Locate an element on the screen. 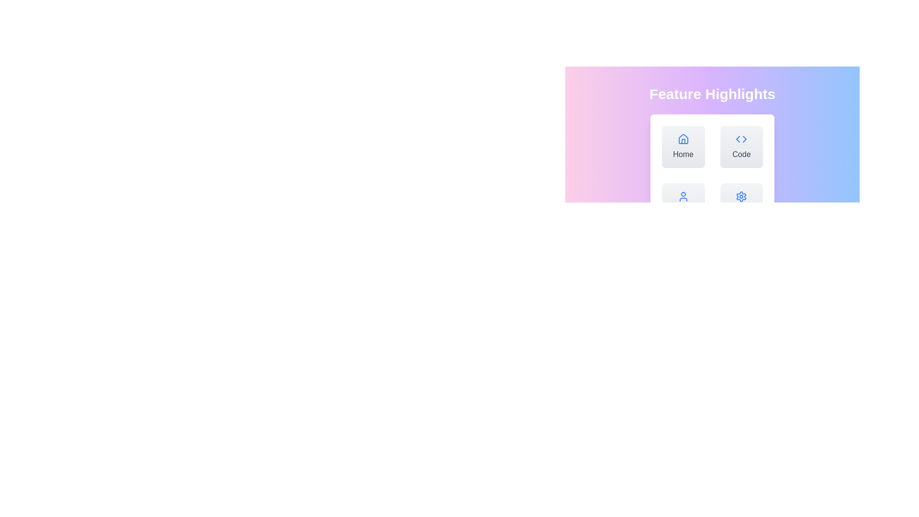  the settings icon located at the bottom-right of the grid under 'Feature Highlights' is located at coordinates (741, 196).